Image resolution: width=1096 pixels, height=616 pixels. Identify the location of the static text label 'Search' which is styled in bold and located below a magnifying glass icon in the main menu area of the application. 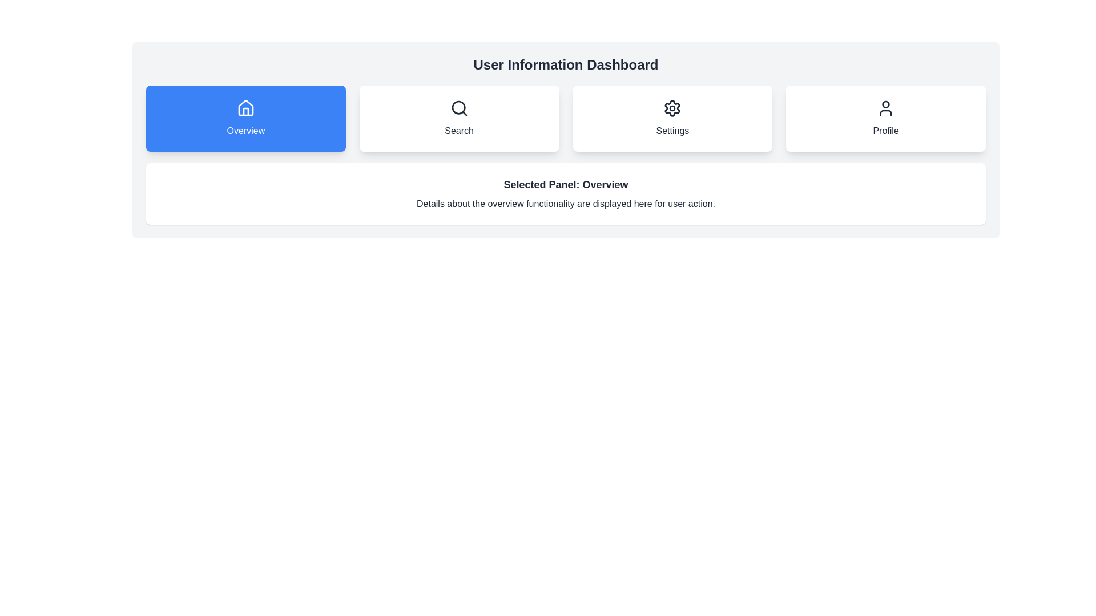
(459, 131).